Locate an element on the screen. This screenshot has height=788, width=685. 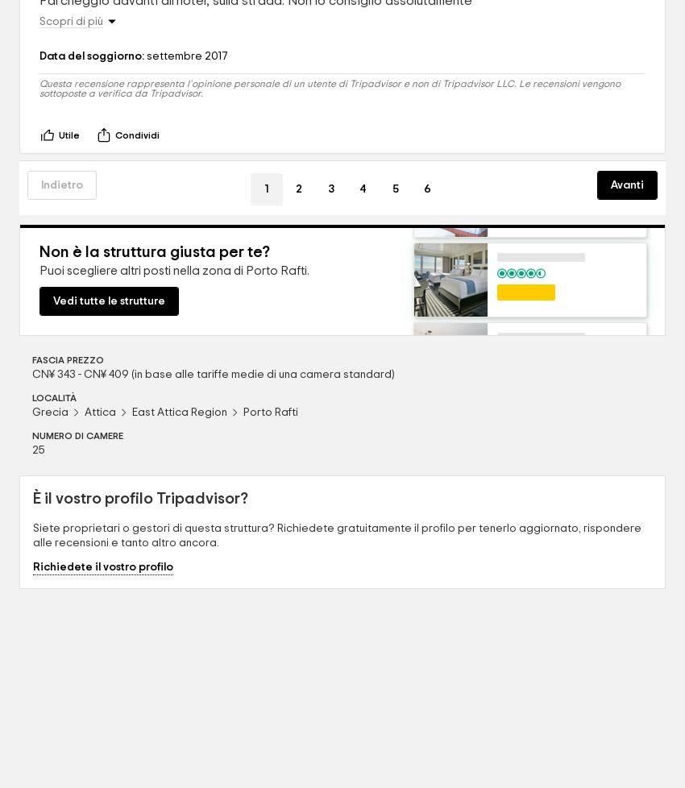
'Grecia' is located at coordinates (50, 412).